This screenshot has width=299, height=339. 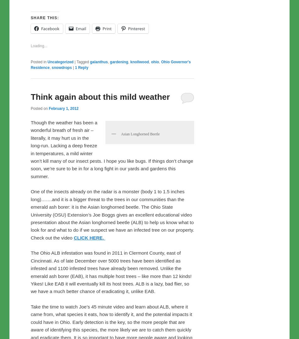 What do you see at coordinates (61, 81) in the screenshot?
I see `'snowdrops'` at bounding box center [61, 81].